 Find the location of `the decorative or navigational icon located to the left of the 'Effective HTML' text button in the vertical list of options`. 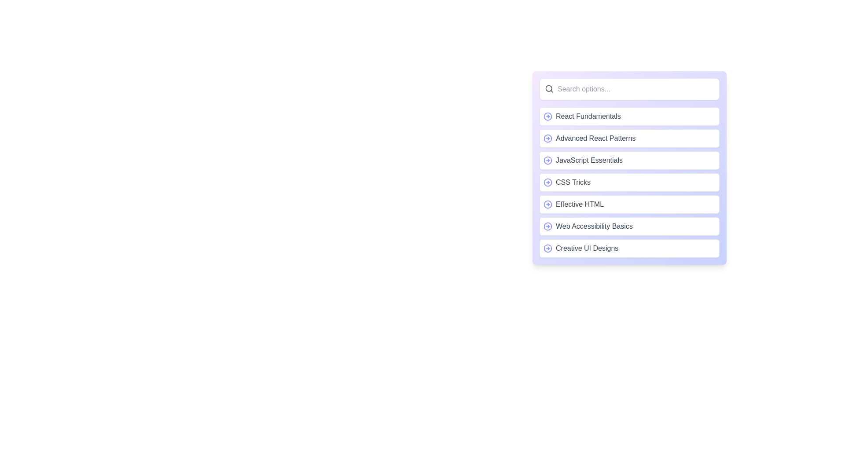

the decorative or navigational icon located to the left of the 'Effective HTML' text button in the vertical list of options is located at coordinates (547, 205).